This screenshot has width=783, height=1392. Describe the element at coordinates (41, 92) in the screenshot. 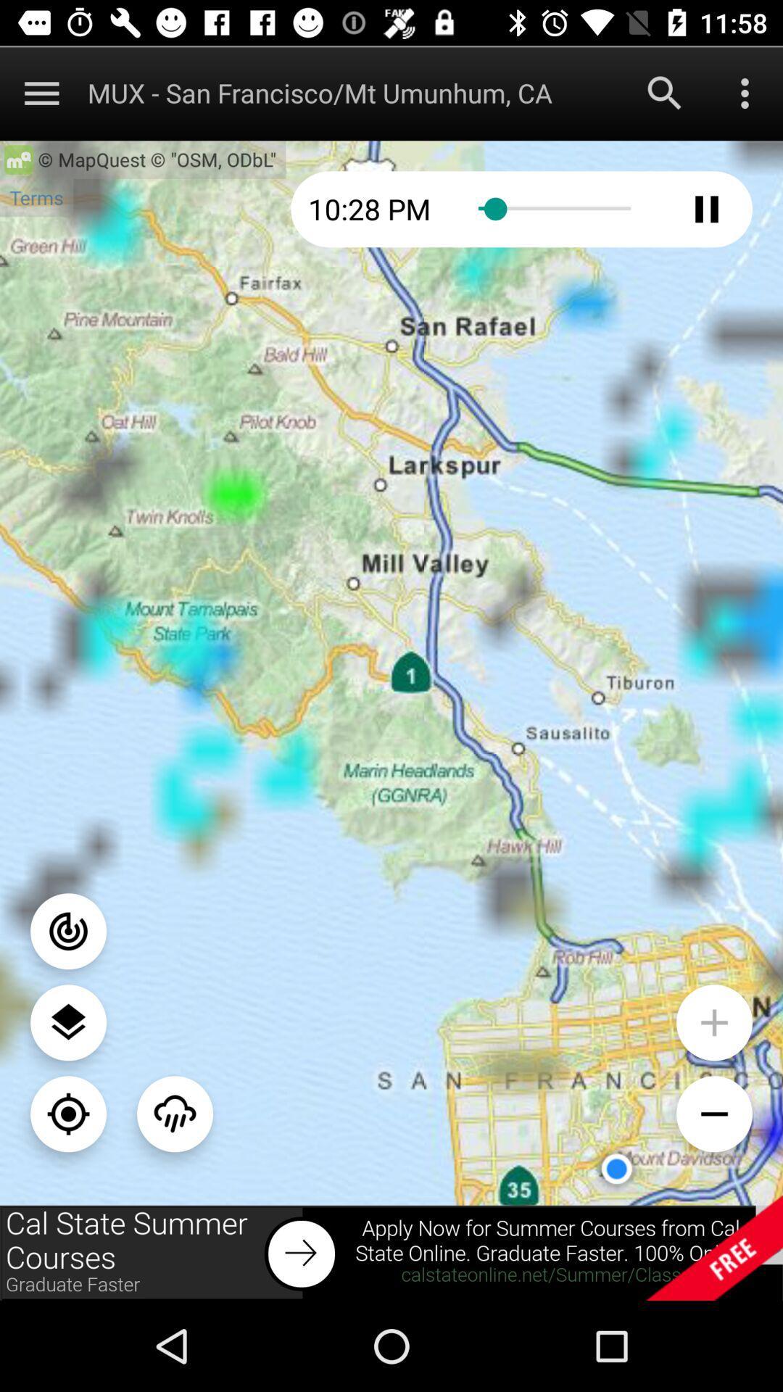

I see `expand drop-down menu` at that location.